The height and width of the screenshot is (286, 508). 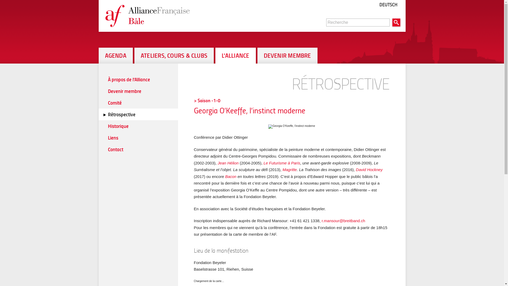 What do you see at coordinates (207, 100) in the screenshot?
I see `'> Saison -1-0'` at bounding box center [207, 100].